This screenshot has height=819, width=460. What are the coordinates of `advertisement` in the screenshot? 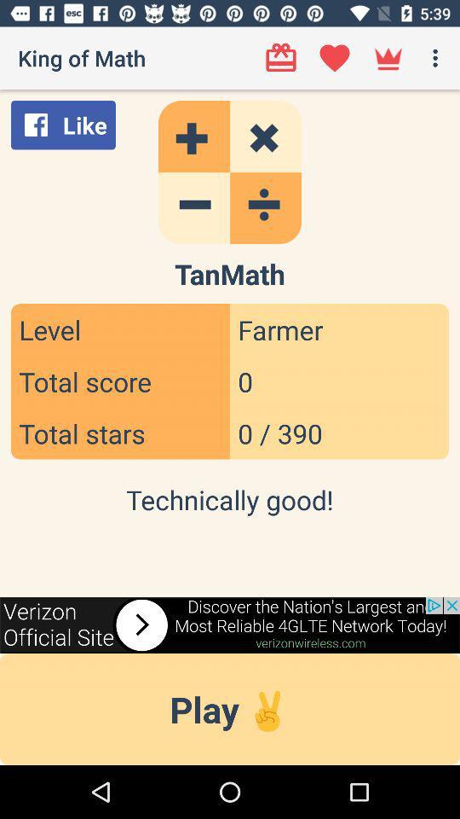 It's located at (230, 624).